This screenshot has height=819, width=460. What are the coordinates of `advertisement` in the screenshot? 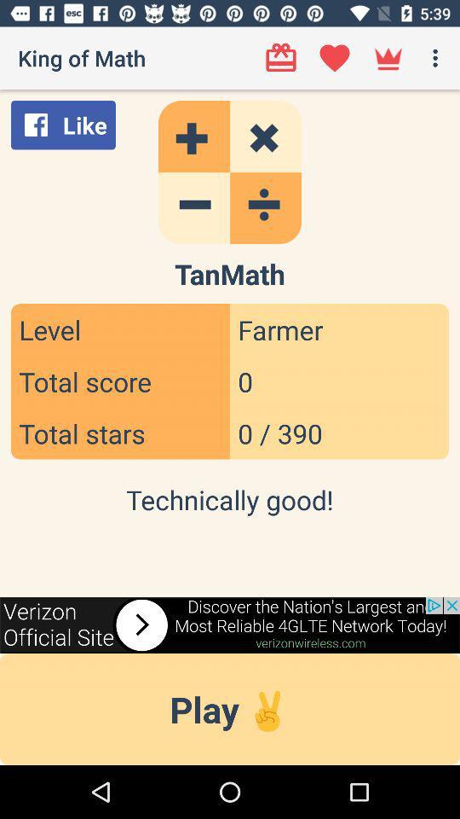 It's located at (230, 624).